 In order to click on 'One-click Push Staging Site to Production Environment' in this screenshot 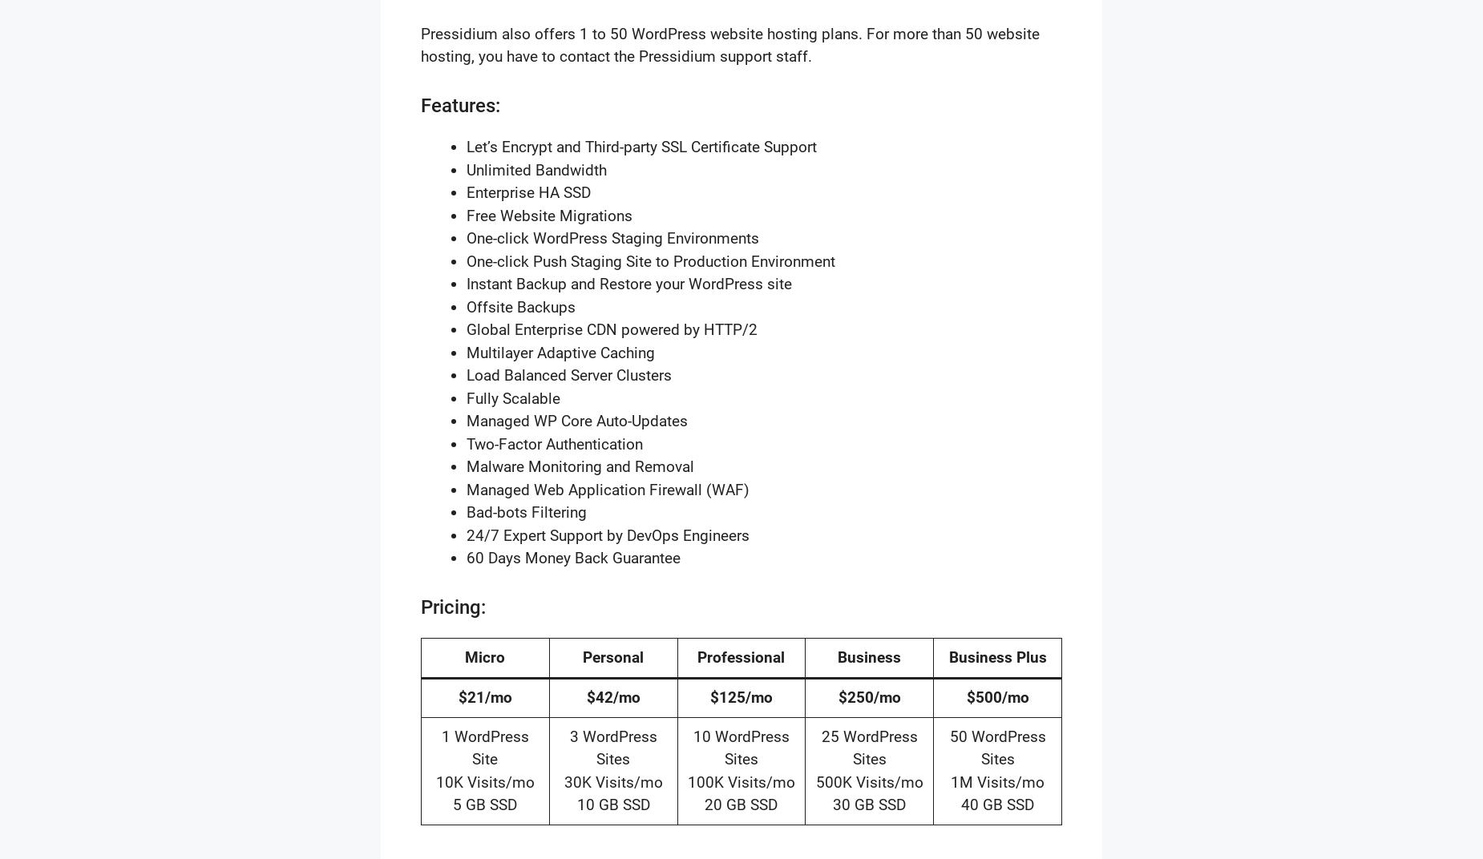, I will do `click(650, 260)`.